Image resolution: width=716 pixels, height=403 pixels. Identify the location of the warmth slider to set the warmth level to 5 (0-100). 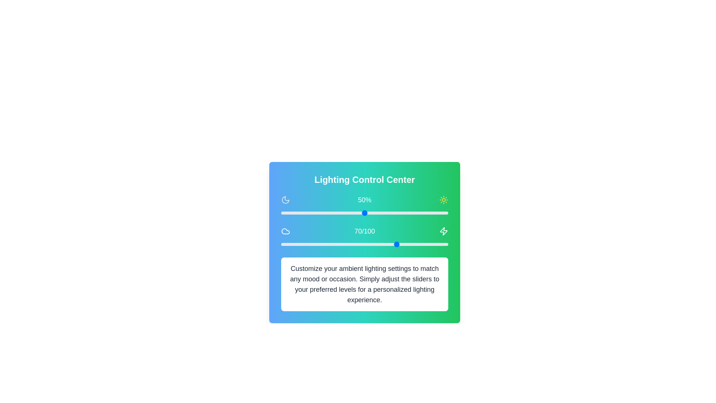
(289, 244).